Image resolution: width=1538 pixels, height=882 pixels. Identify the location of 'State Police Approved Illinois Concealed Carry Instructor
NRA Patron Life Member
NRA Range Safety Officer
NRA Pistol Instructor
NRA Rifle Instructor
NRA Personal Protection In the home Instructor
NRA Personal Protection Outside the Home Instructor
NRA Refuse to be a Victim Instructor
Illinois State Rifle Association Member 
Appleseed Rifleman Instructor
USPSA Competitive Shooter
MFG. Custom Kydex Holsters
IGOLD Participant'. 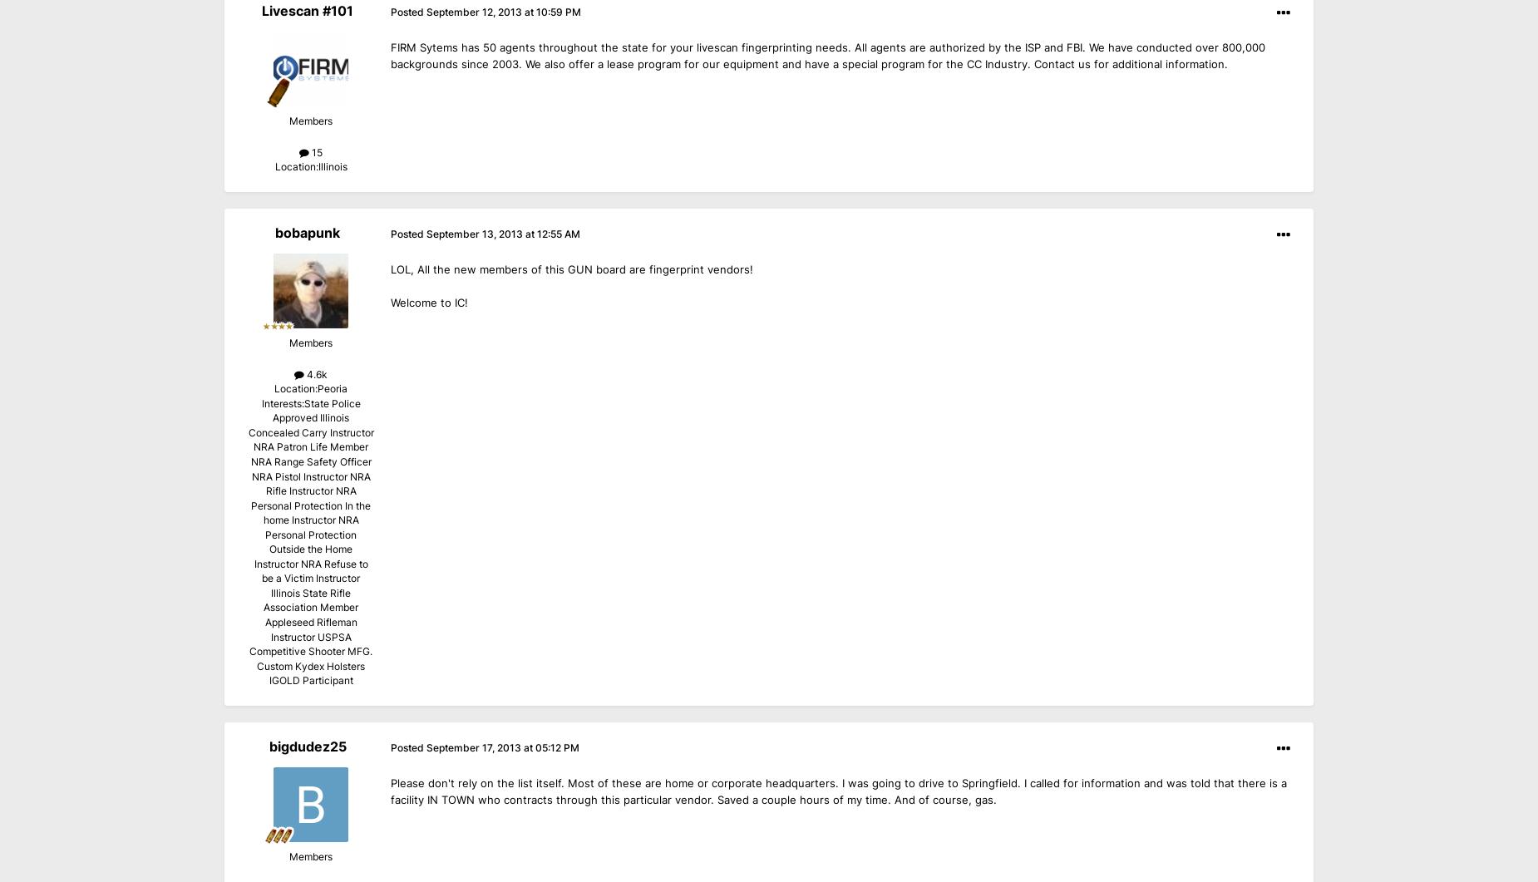
(309, 540).